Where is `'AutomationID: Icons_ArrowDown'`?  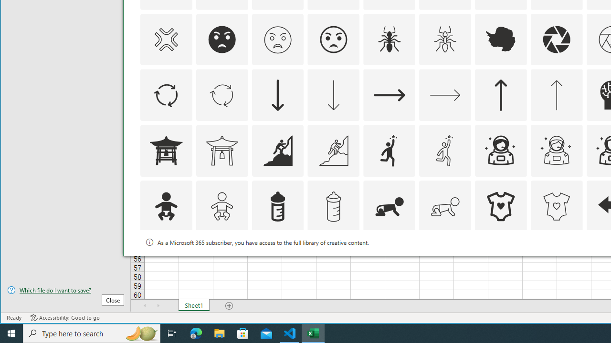 'AutomationID: Icons_ArrowDown' is located at coordinates (277, 95).